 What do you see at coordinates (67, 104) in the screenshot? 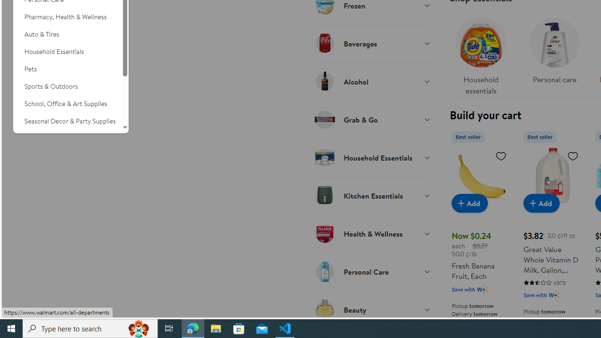
I see `'School, Office & Art Supplies'` at bounding box center [67, 104].